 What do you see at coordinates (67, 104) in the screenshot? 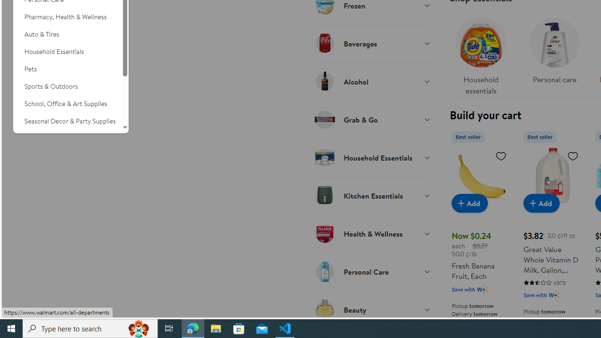
I see `'School, Office & Art Supplies'` at bounding box center [67, 104].